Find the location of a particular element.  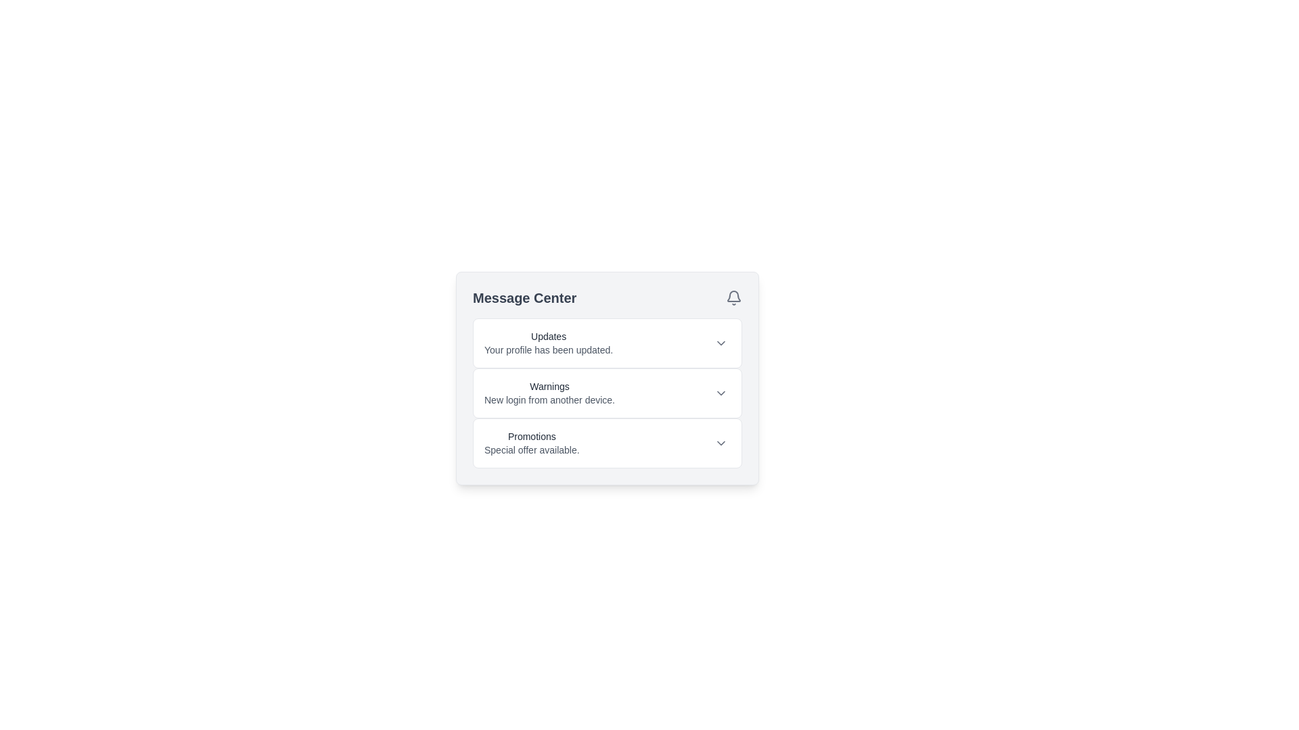

notification message in the 'Updates' notification block, which states 'Your profile has been updated.' is located at coordinates (606, 343).